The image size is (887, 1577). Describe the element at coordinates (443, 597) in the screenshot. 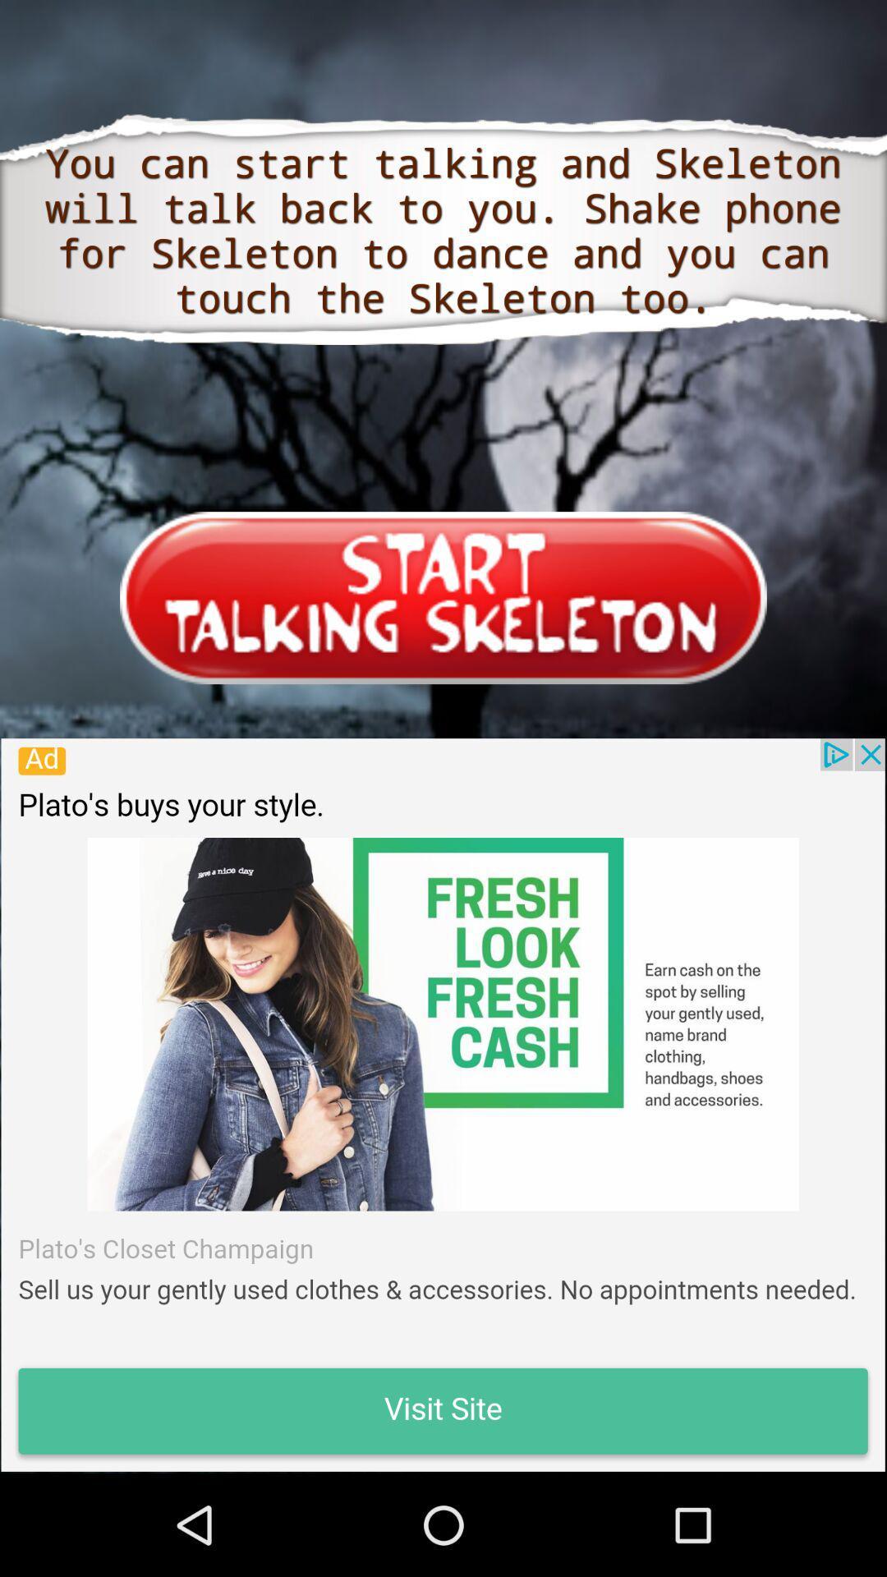

I see `app open login` at that location.